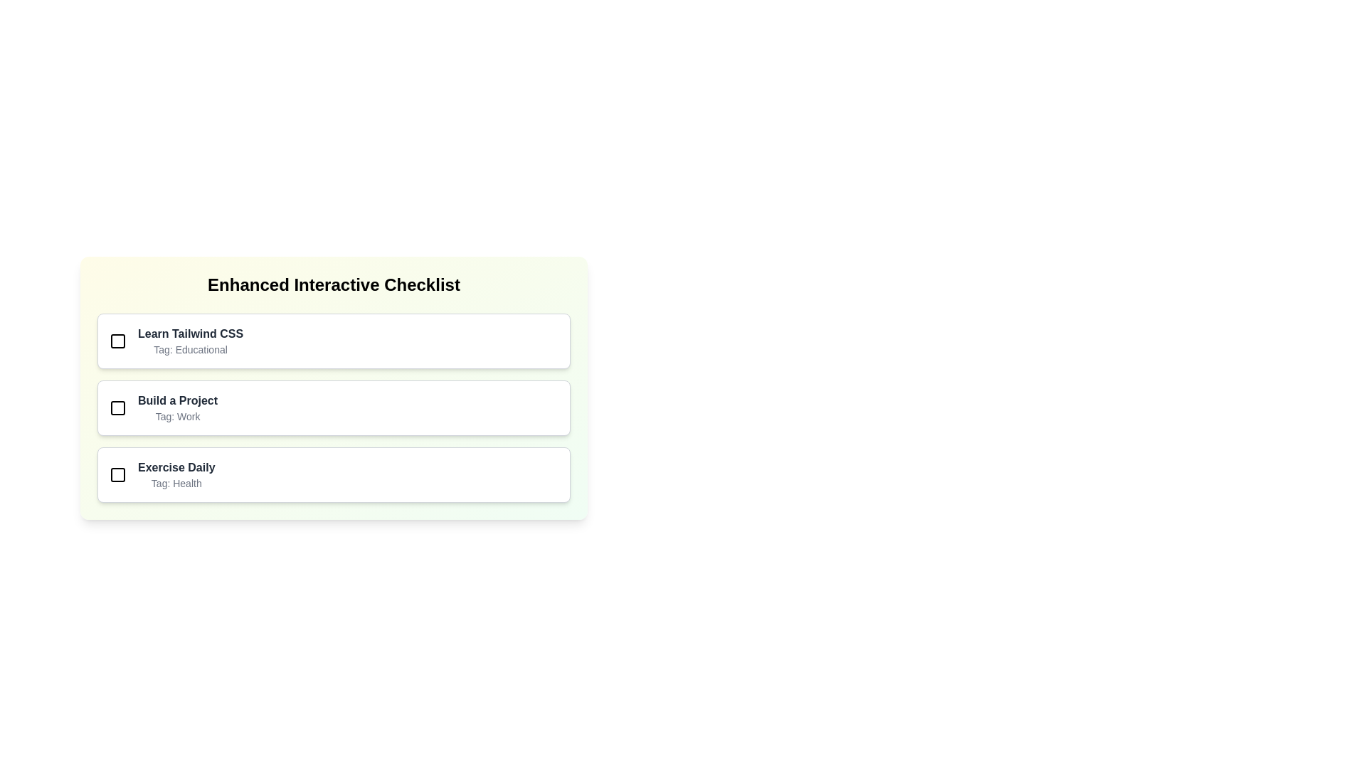 The image size is (1366, 768). I want to click on the third selectable checklist item labeled 'Exercise Daily', so click(333, 474).